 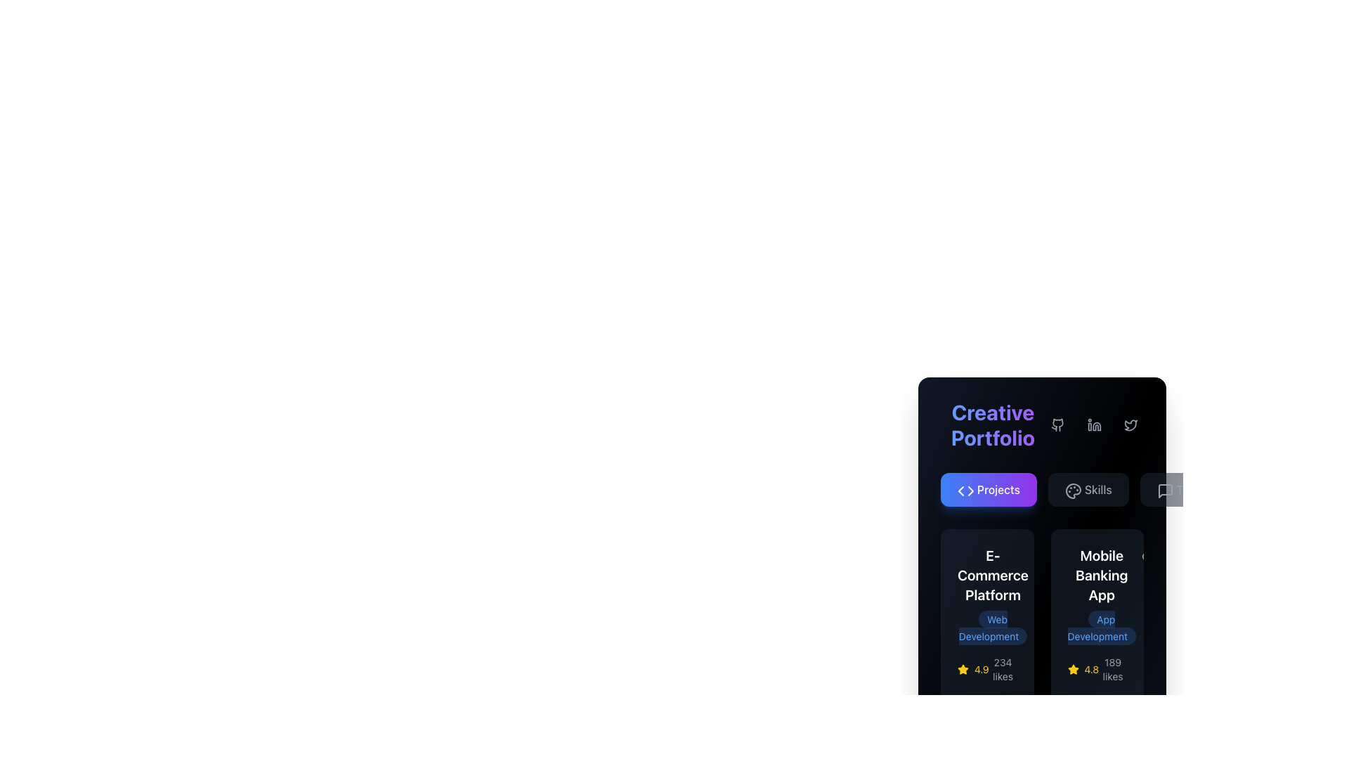 What do you see at coordinates (1082, 668) in the screenshot?
I see `the average rating value of '4.8' displayed in the Rating display for the 'Mobile Banking App', located in the lower section of the second card from the left` at bounding box center [1082, 668].